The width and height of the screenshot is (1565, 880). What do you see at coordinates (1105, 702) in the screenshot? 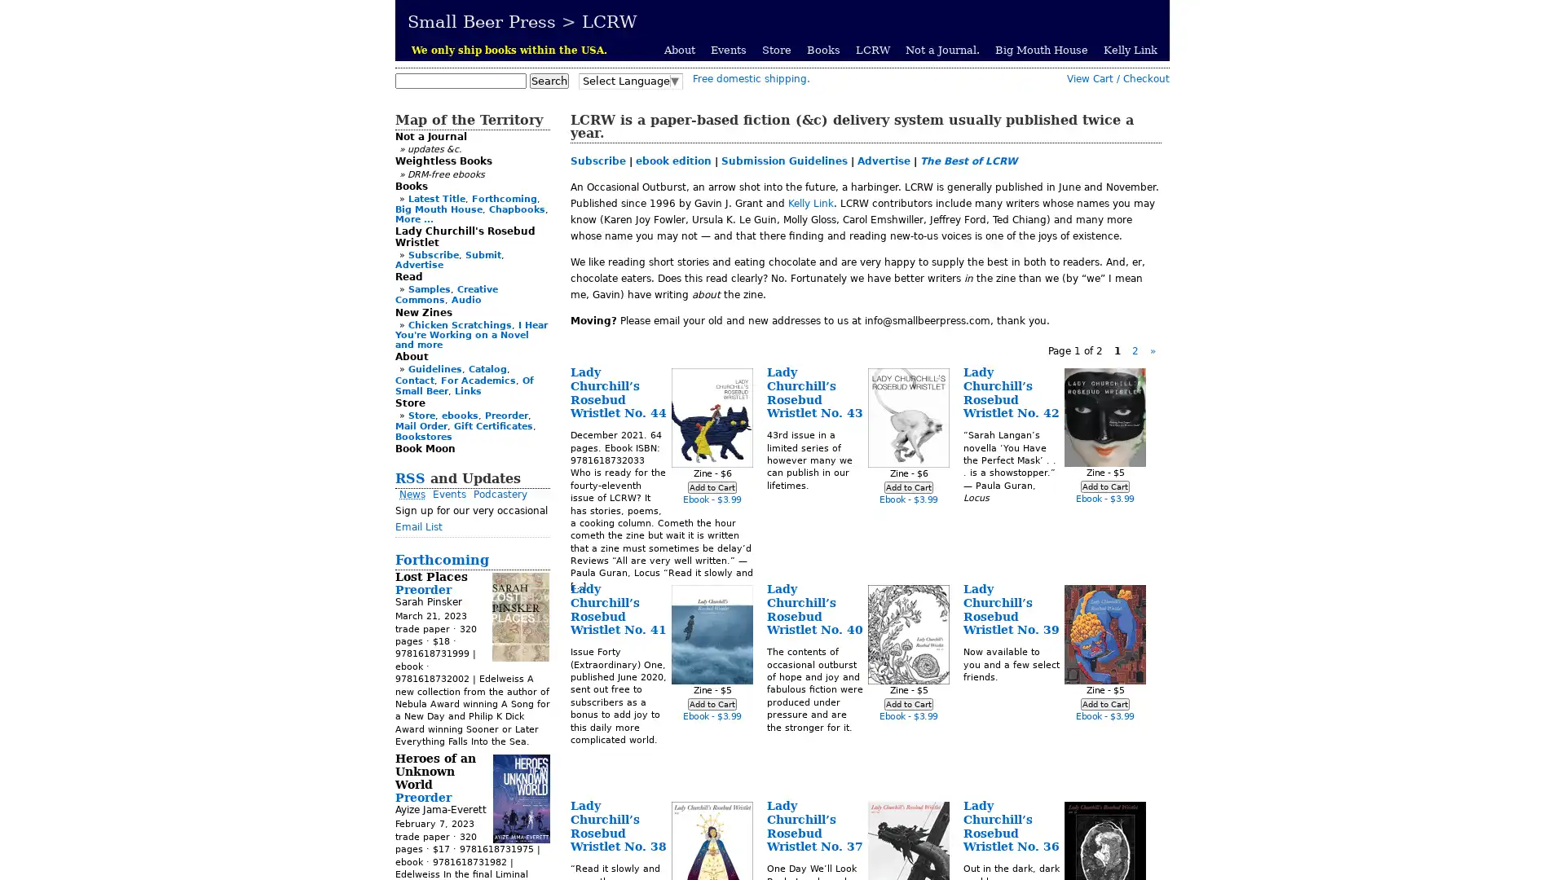
I see `Add to Cart` at bounding box center [1105, 702].